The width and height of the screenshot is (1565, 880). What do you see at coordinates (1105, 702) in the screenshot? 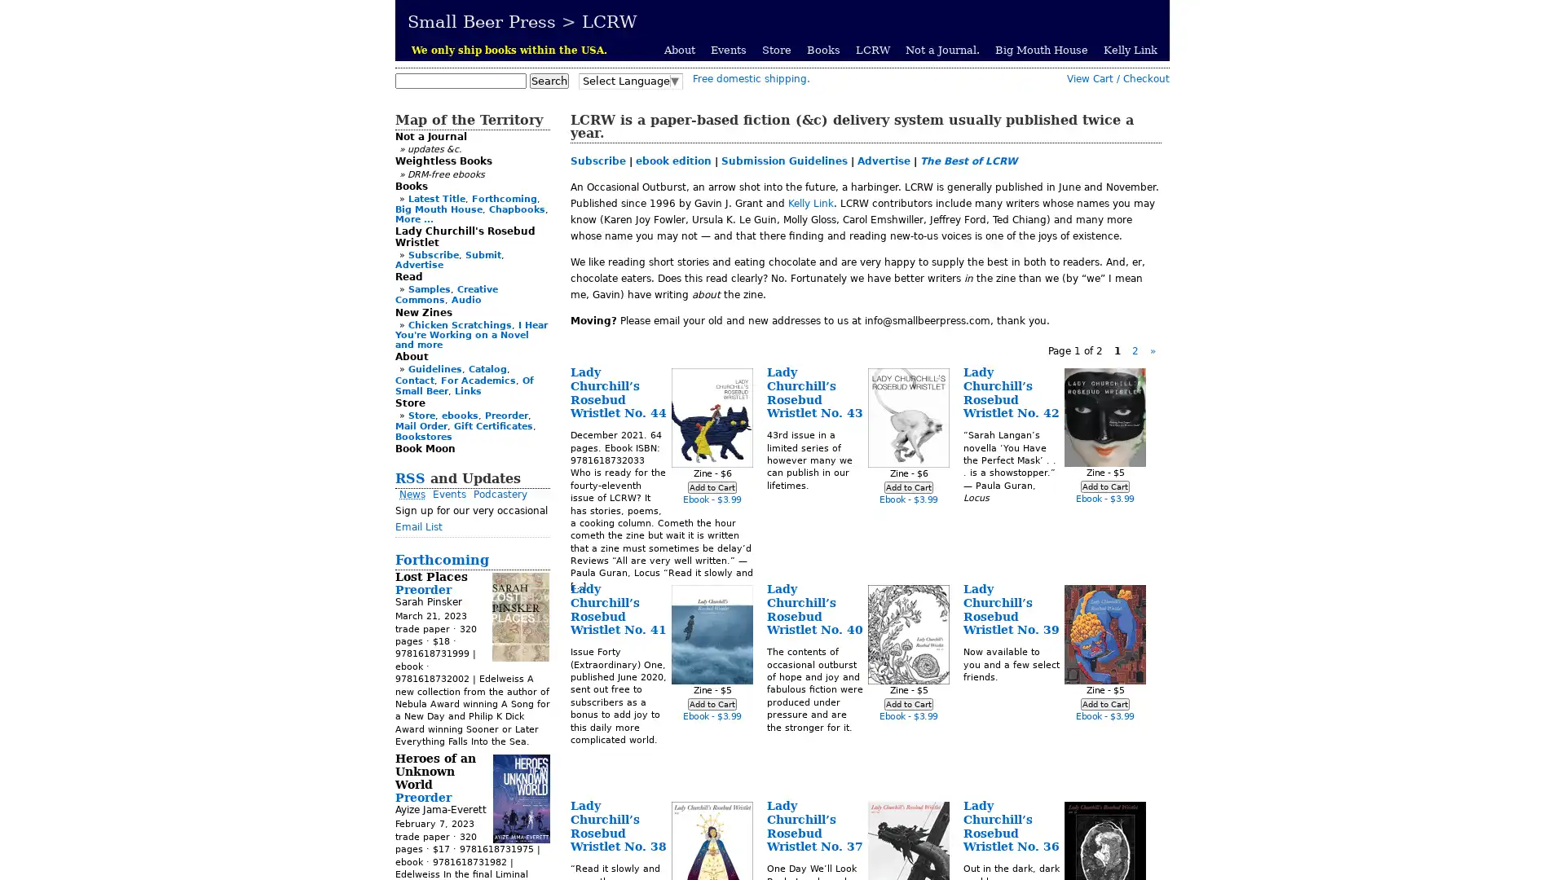
I see `Add to Cart` at bounding box center [1105, 702].